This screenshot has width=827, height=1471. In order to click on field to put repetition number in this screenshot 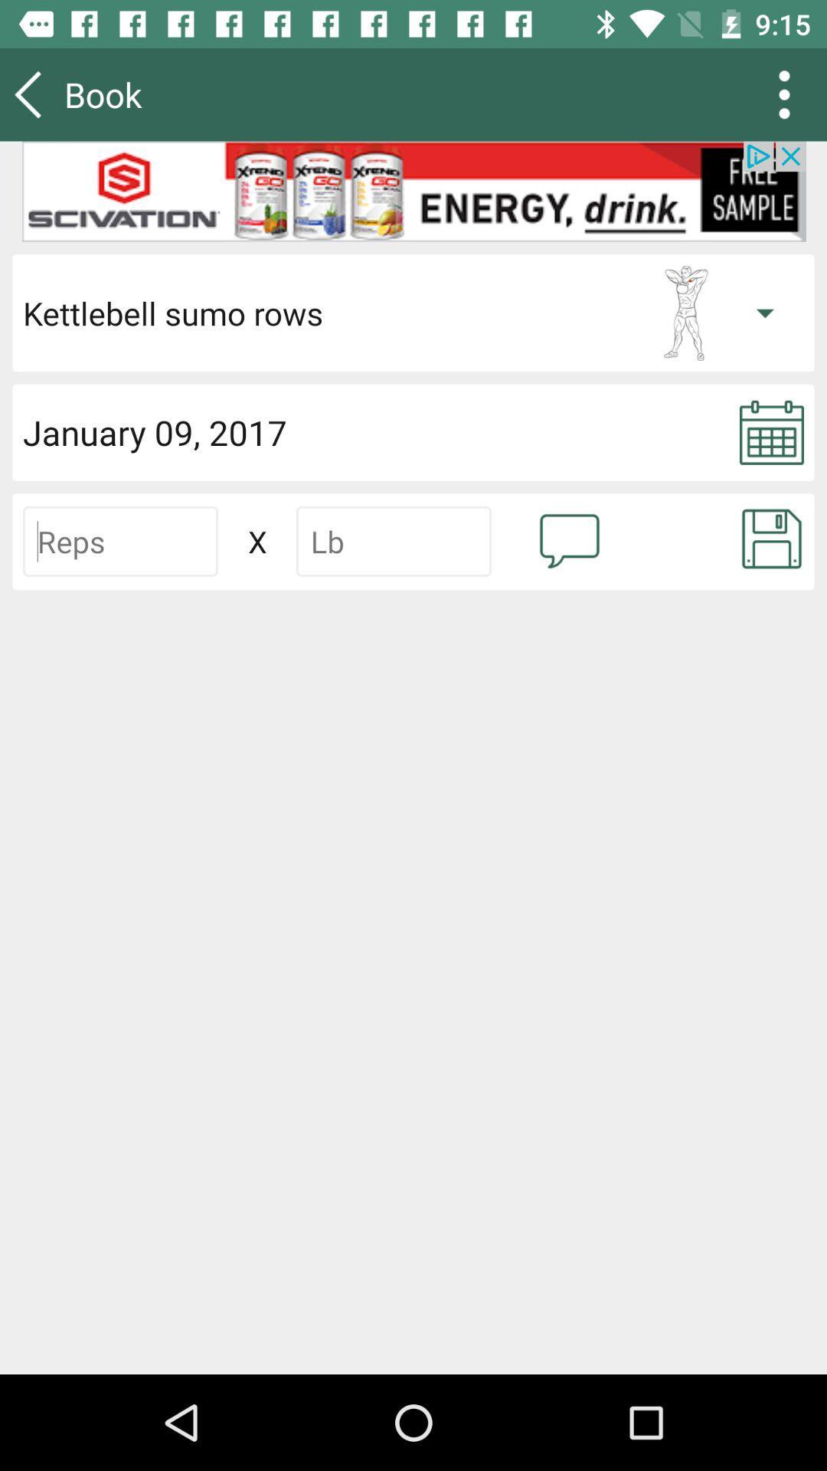, I will do `click(119, 541)`.